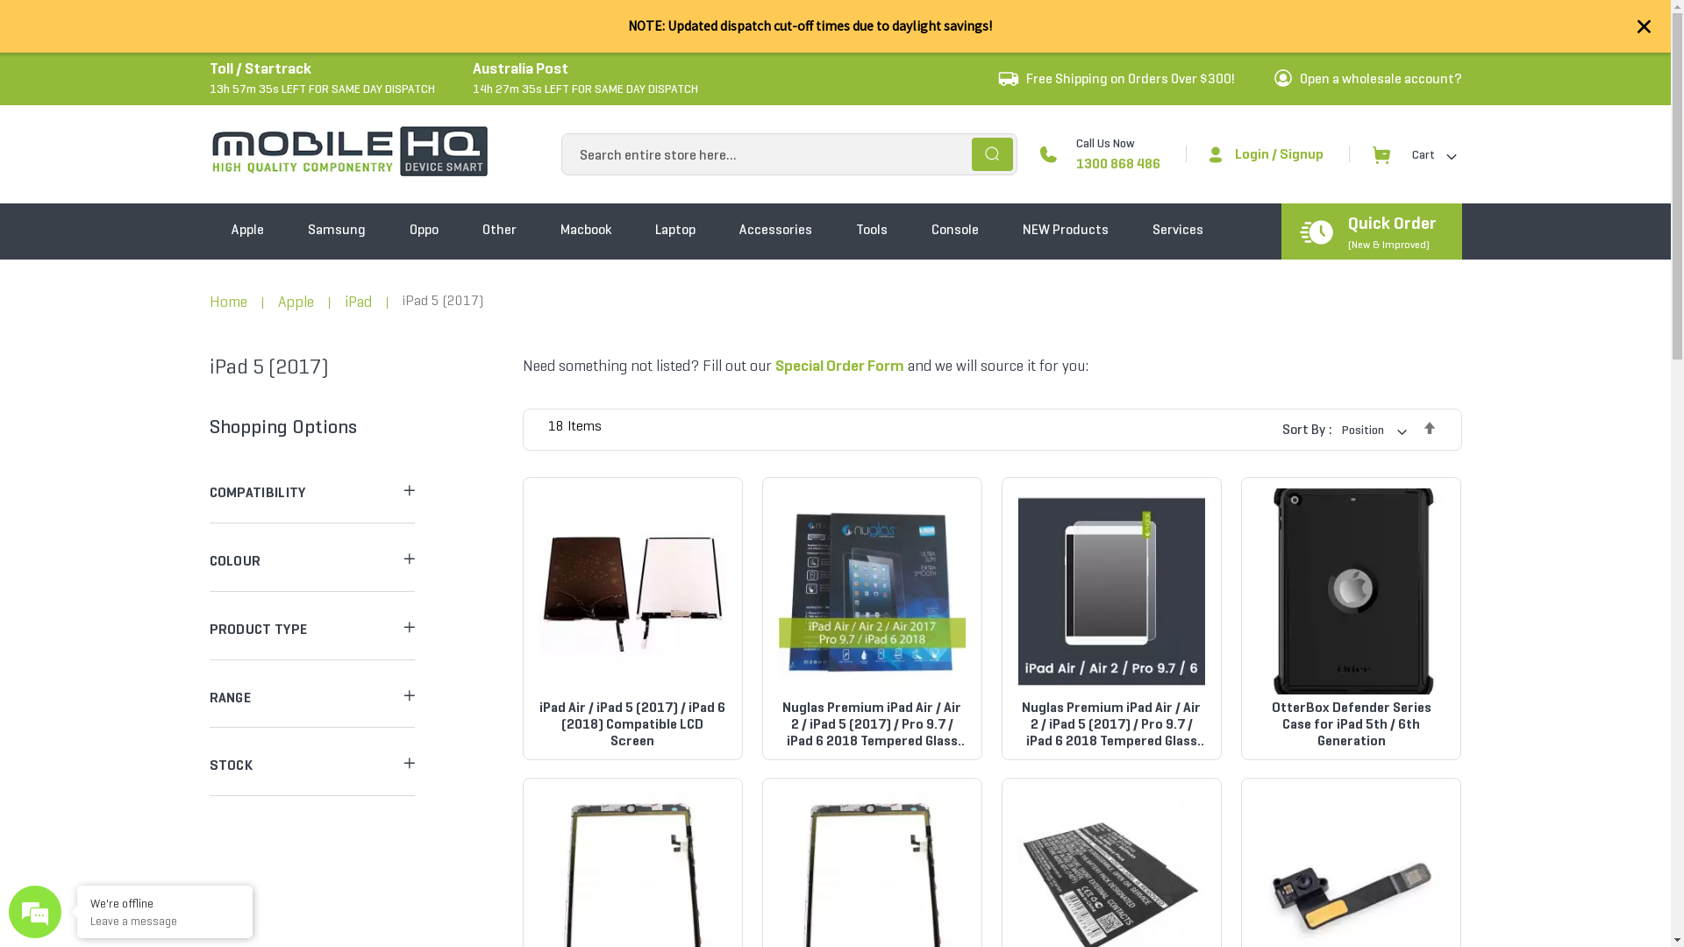 The width and height of the screenshot is (1684, 947). I want to click on 'Services', so click(1177, 177).